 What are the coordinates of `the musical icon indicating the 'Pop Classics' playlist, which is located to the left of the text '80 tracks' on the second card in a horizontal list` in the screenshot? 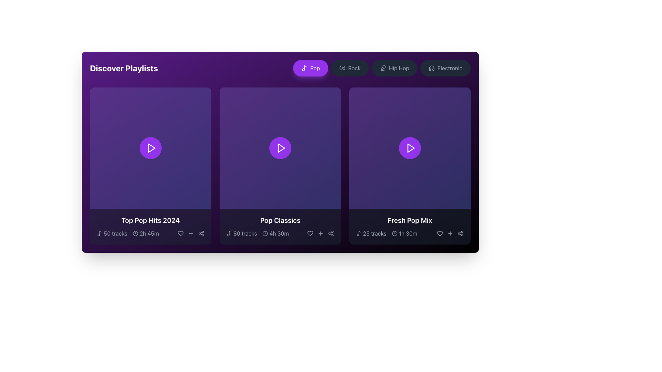 It's located at (229, 233).